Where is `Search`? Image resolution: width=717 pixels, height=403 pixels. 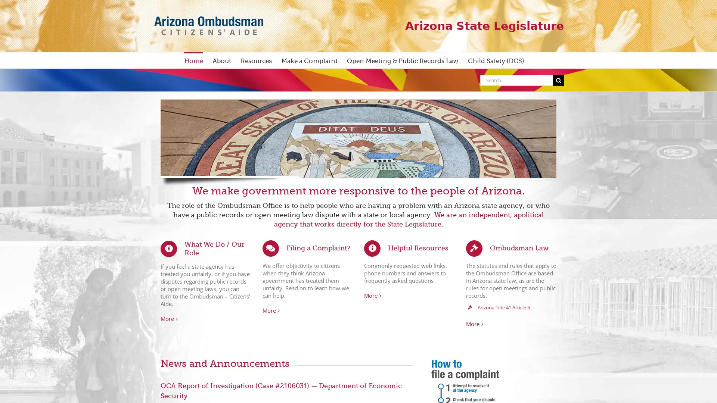 Search is located at coordinates (558, 80).